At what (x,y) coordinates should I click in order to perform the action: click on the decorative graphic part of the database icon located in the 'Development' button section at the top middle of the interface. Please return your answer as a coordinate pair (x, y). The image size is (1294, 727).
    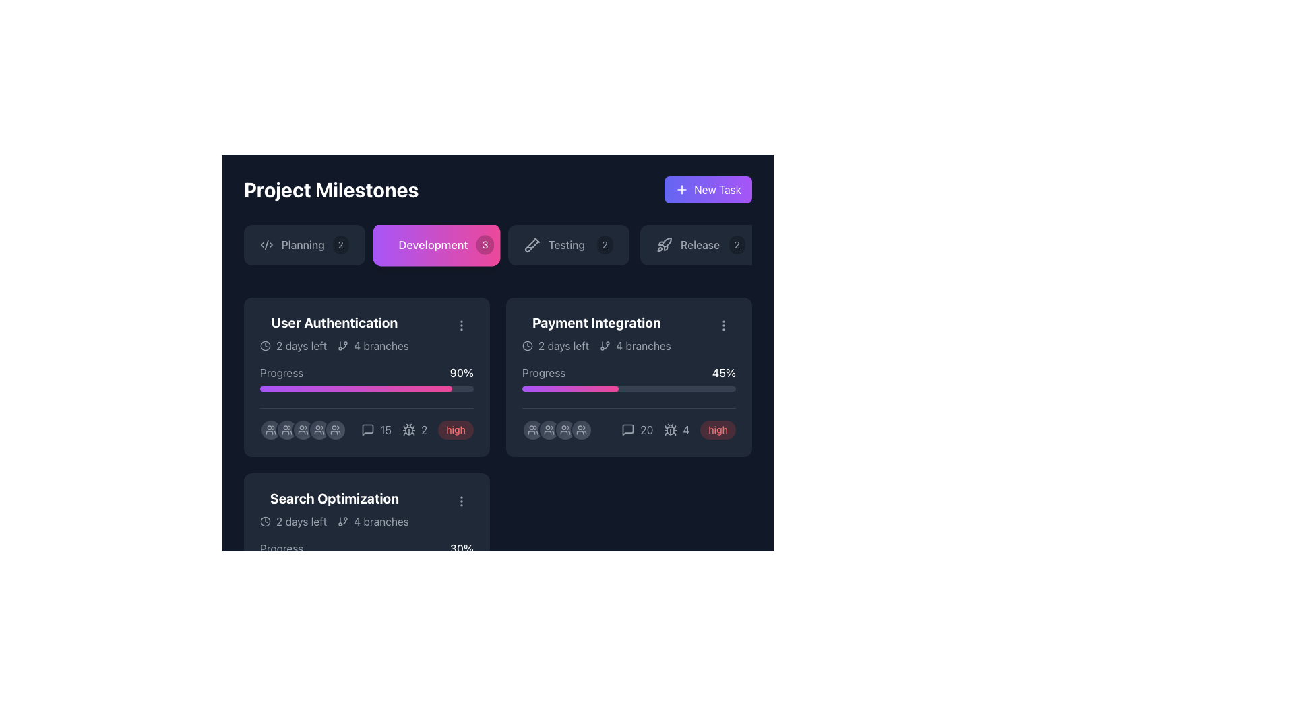
    Looking at the image, I should click on (398, 246).